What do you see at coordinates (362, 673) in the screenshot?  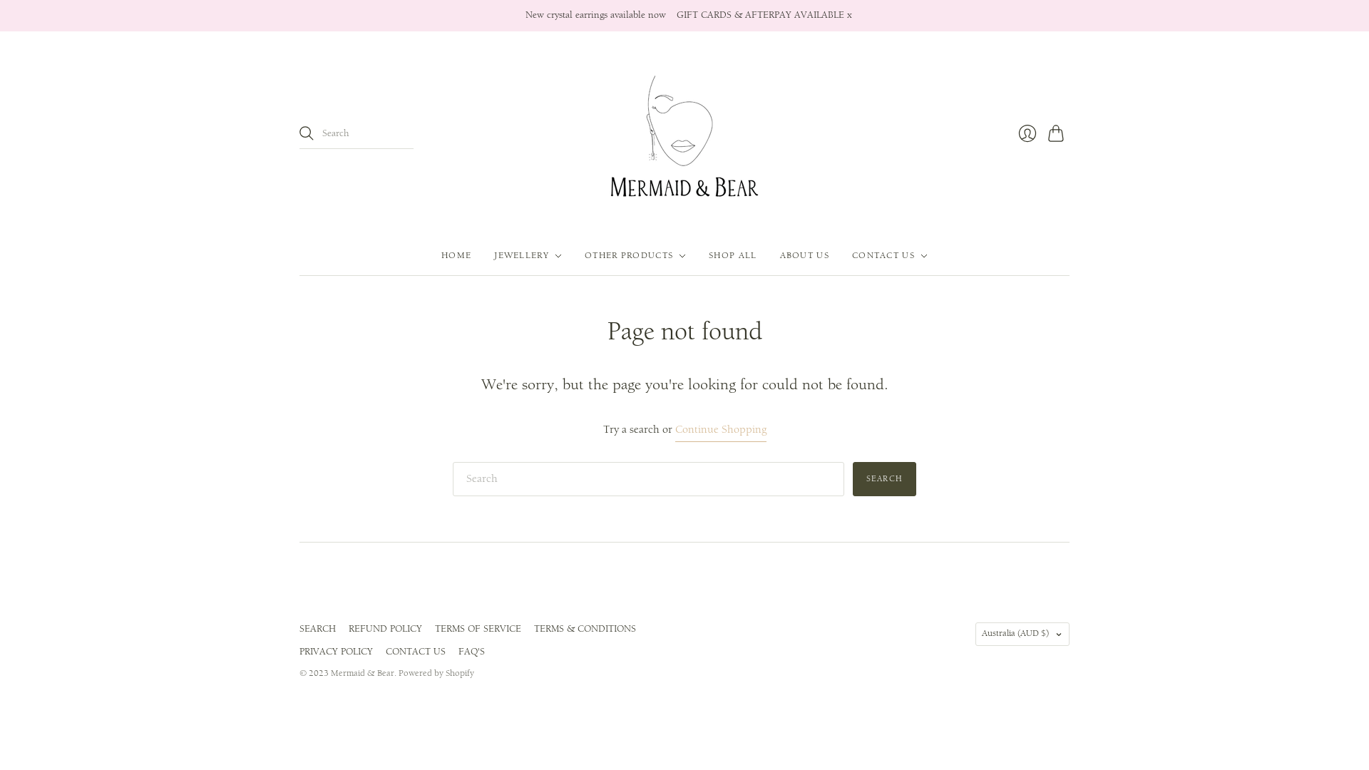 I see `'Mermaid & Bear'` at bounding box center [362, 673].